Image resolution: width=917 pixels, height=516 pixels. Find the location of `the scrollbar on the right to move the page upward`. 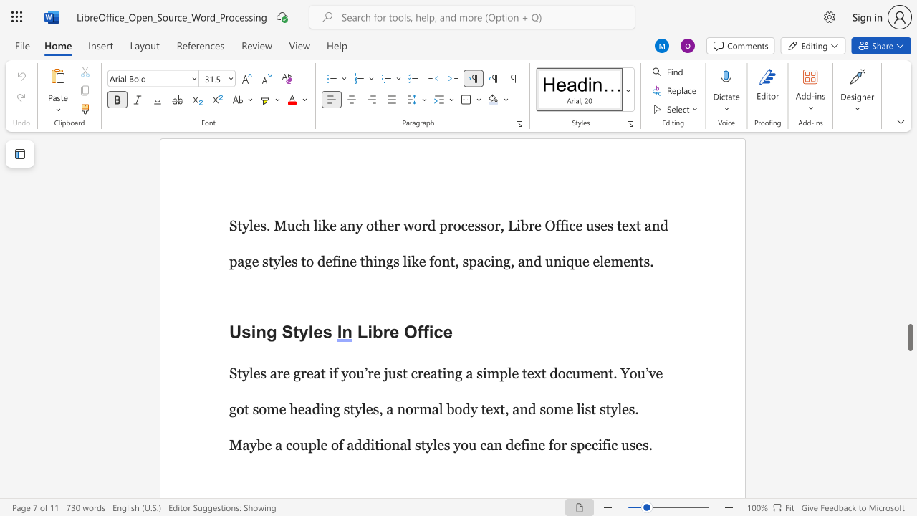

the scrollbar on the right to move the page upward is located at coordinates (909, 287).